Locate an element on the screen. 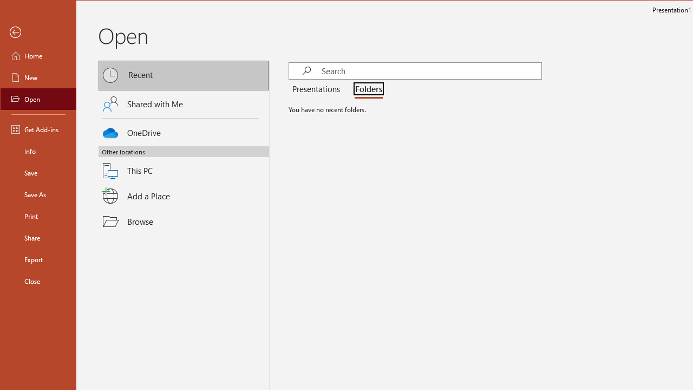 The height and width of the screenshot is (390, 693). 'New' is located at coordinates (38, 76).